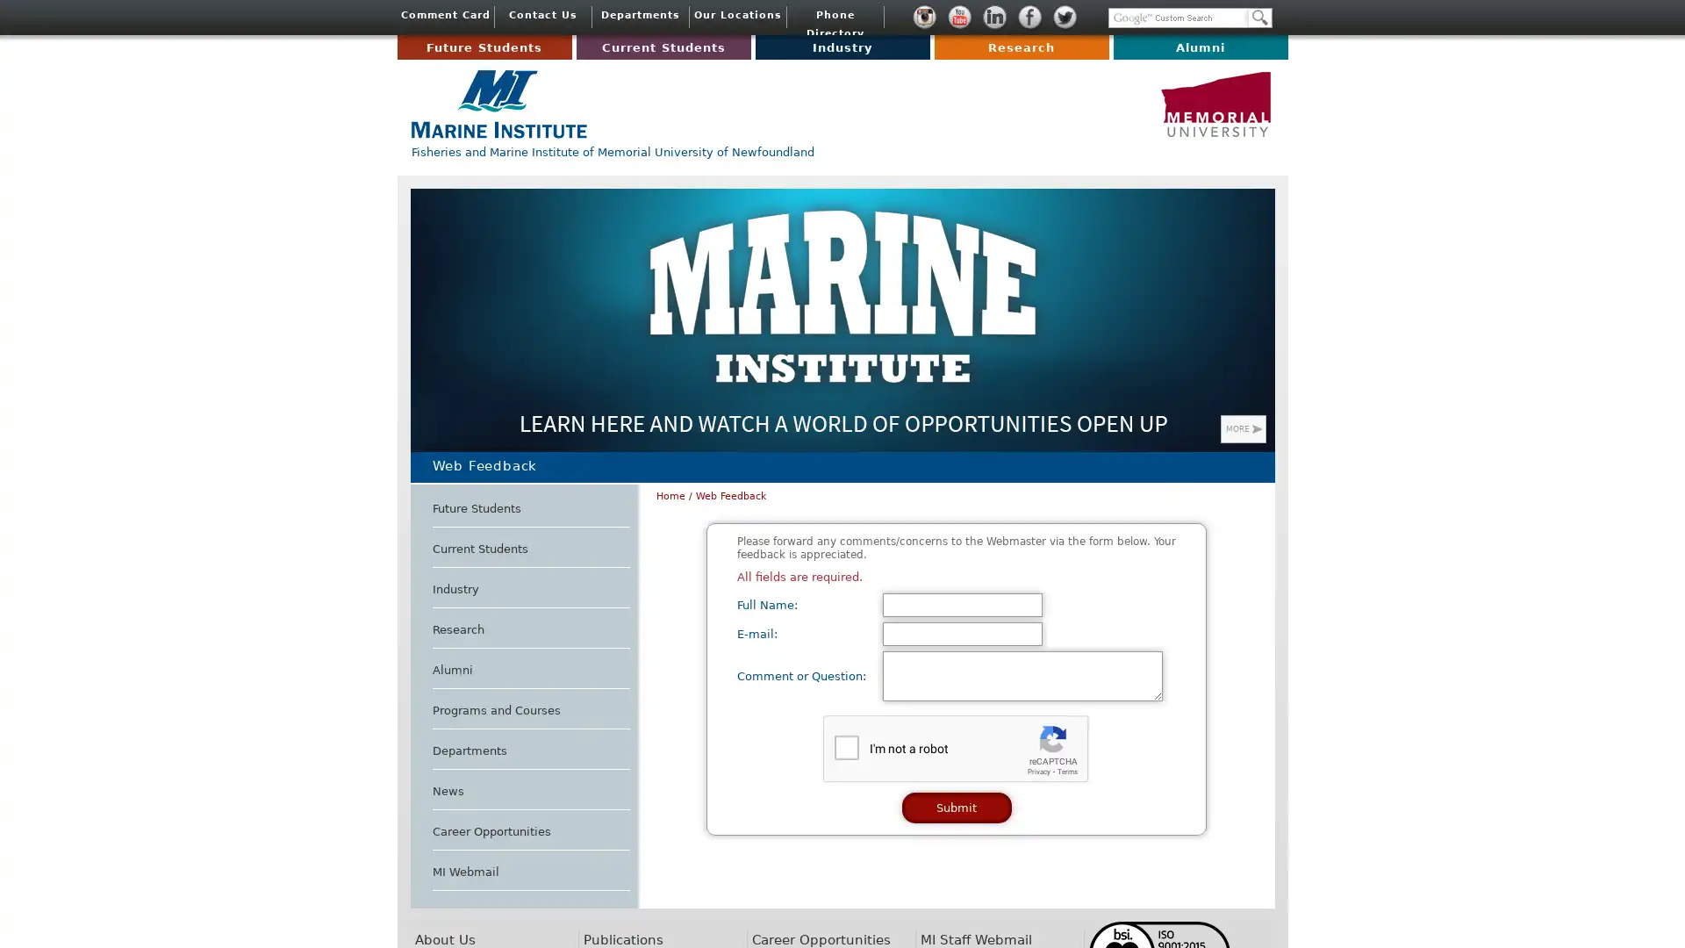 The width and height of the screenshot is (1685, 948). I want to click on Search, so click(1258, 18).